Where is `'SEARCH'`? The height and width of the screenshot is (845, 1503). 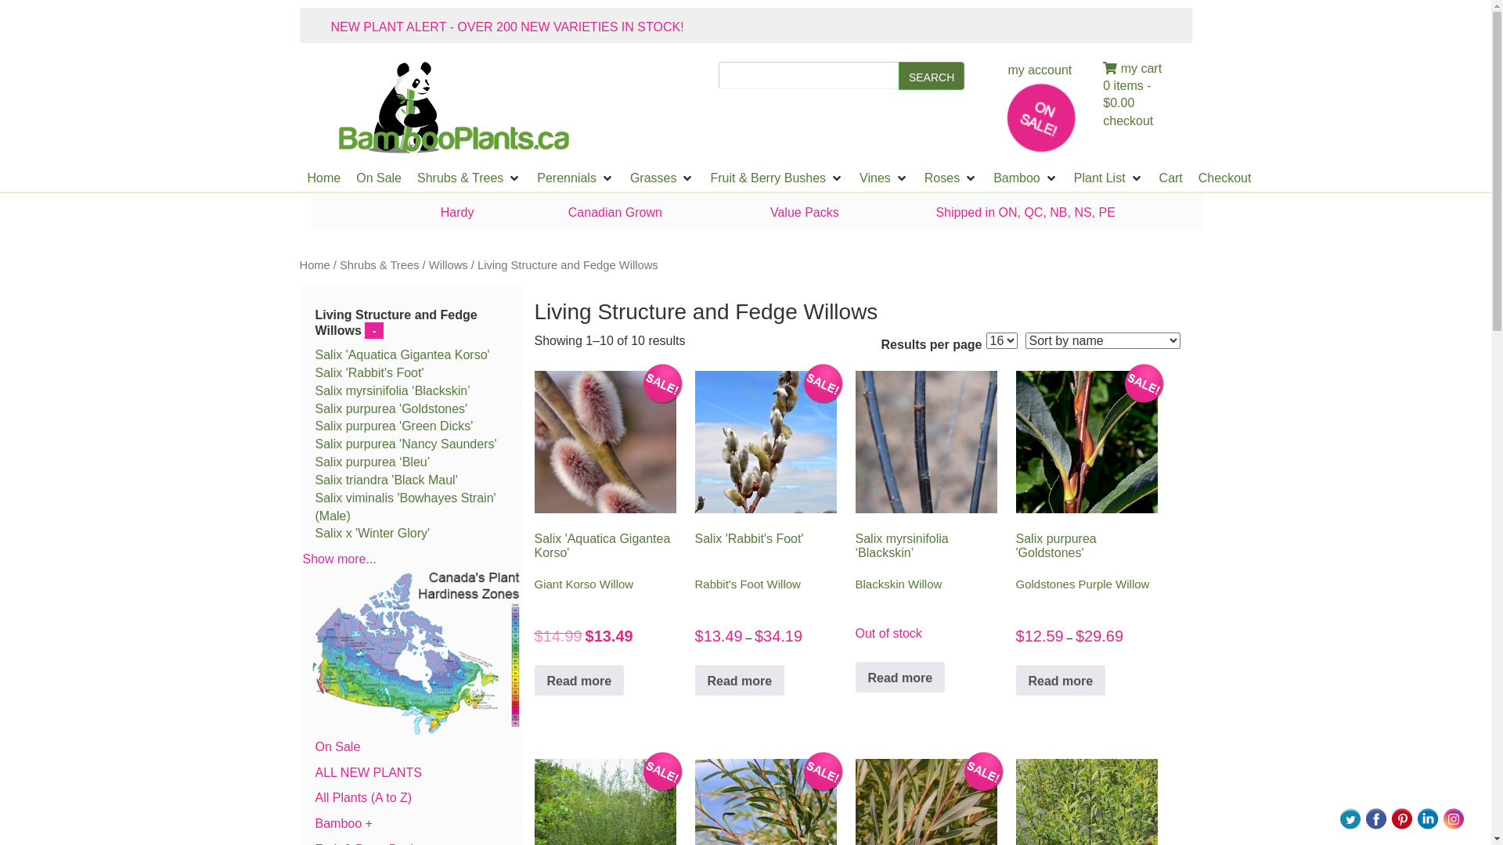 'SEARCH' is located at coordinates (932, 75).